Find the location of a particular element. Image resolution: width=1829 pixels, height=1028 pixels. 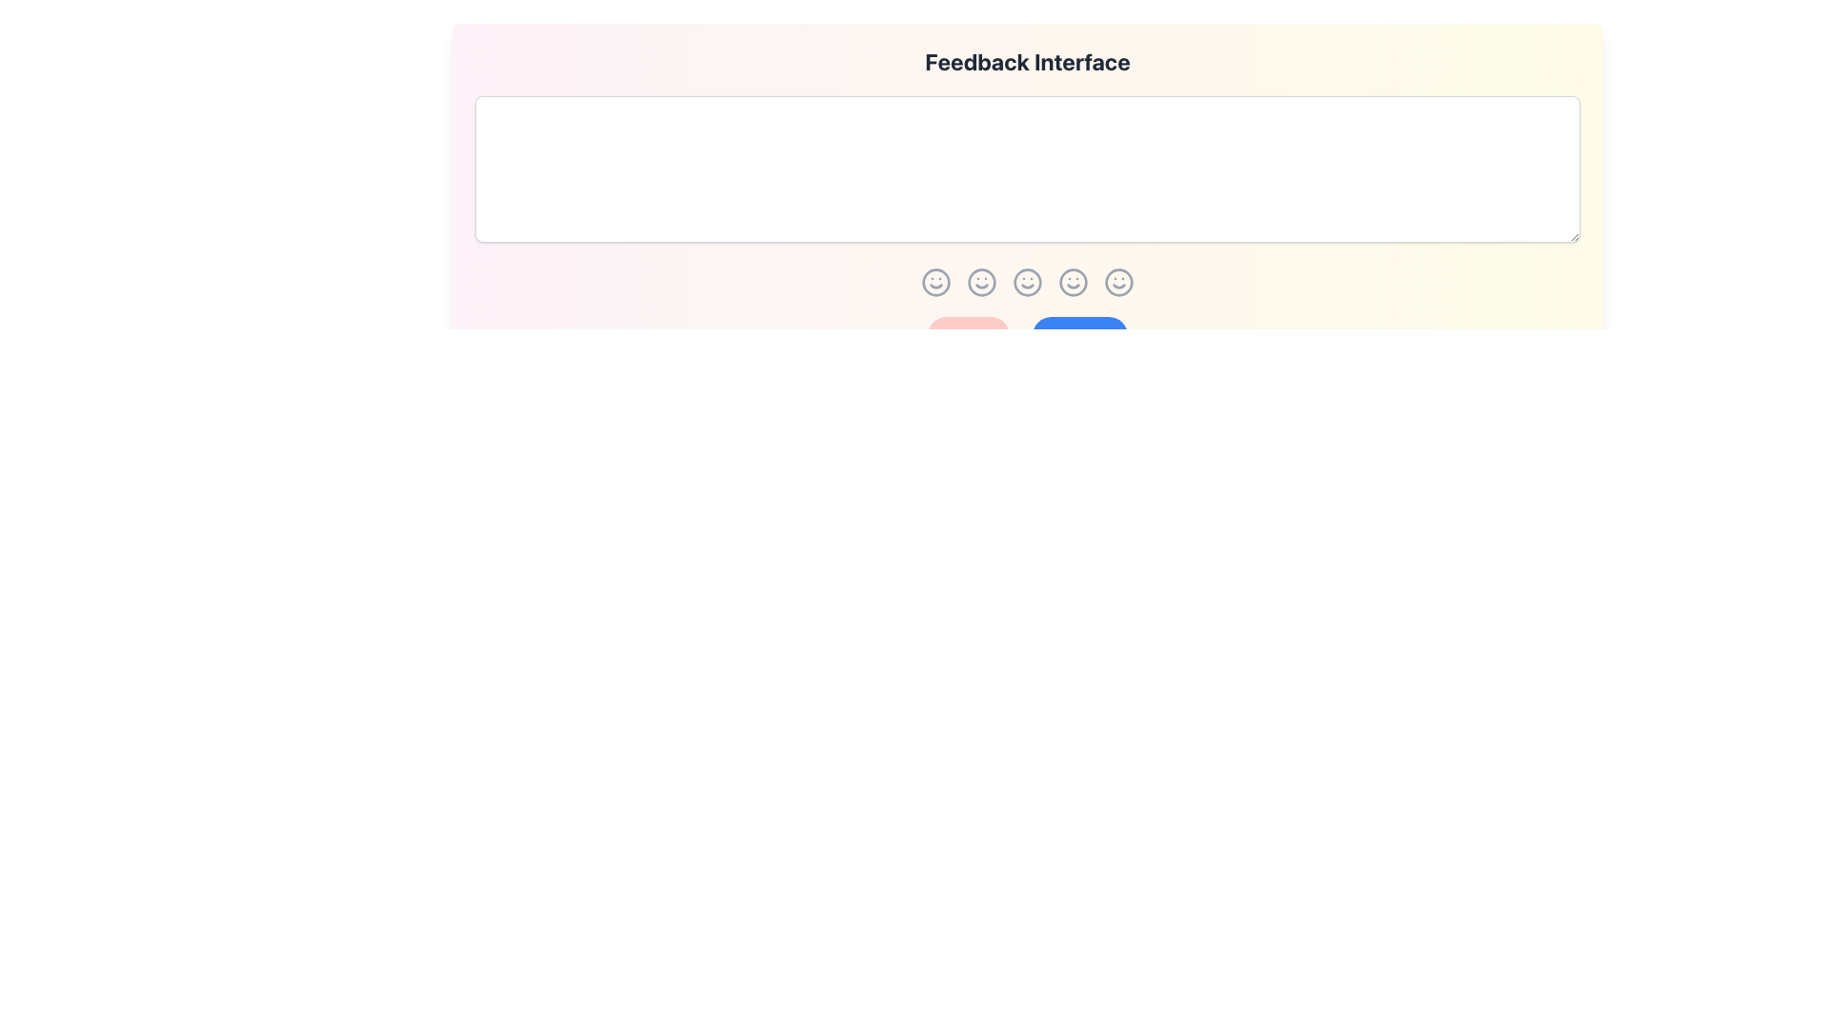

the fifth smiley face icon button in the feedback interface is located at coordinates (1074, 283).